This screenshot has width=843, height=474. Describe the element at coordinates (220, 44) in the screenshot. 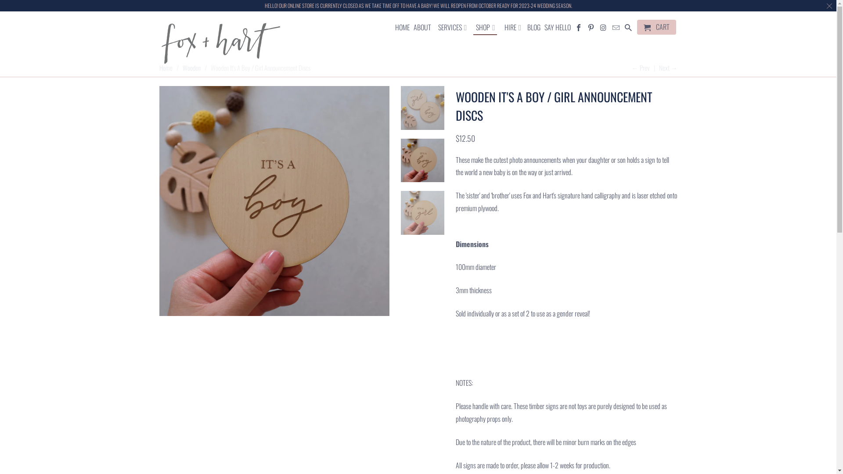

I see `'Fox and Hart'` at that location.